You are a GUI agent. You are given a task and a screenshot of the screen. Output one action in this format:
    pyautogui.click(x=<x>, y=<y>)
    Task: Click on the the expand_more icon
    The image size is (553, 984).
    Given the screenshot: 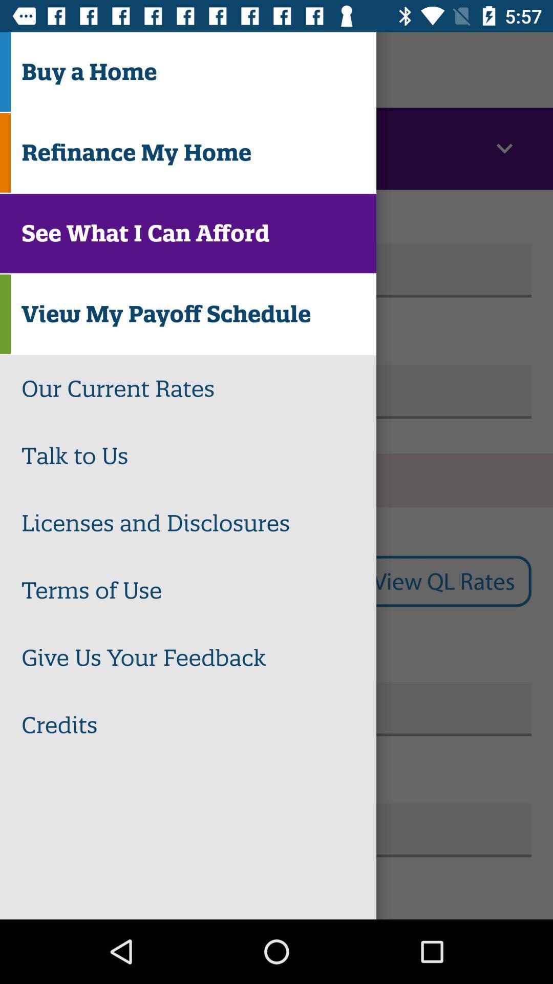 What is the action you would take?
    pyautogui.click(x=504, y=148)
    